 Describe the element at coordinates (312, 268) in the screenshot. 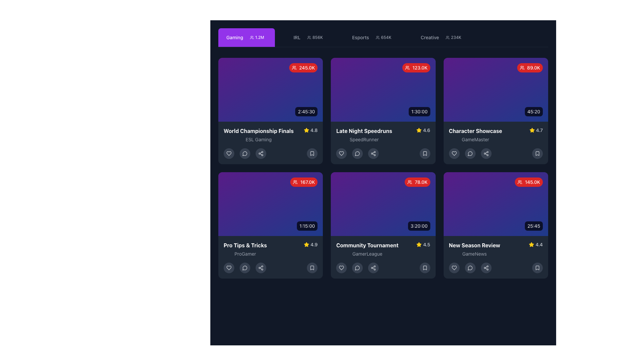

I see `the bookmark button located at the bottom of the 'Pro Tips & Tricks' card in the lower-left corner of the grid` at that location.